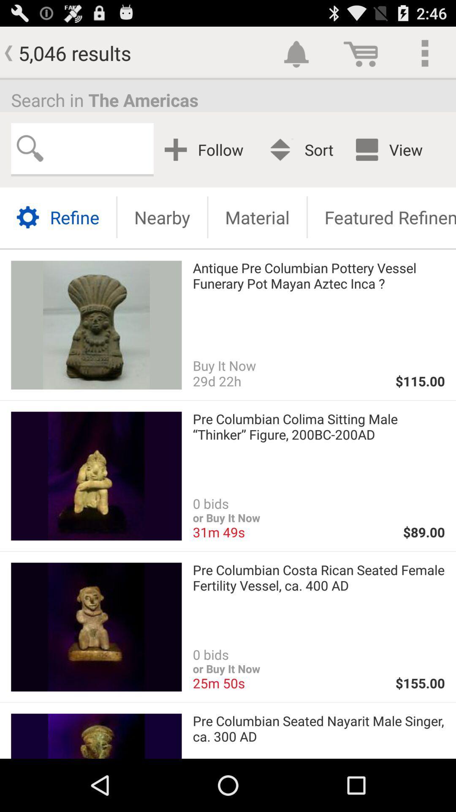 The width and height of the screenshot is (456, 812). What do you see at coordinates (382, 217) in the screenshot?
I see `the featured refinements button` at bounding box center [382, 217].